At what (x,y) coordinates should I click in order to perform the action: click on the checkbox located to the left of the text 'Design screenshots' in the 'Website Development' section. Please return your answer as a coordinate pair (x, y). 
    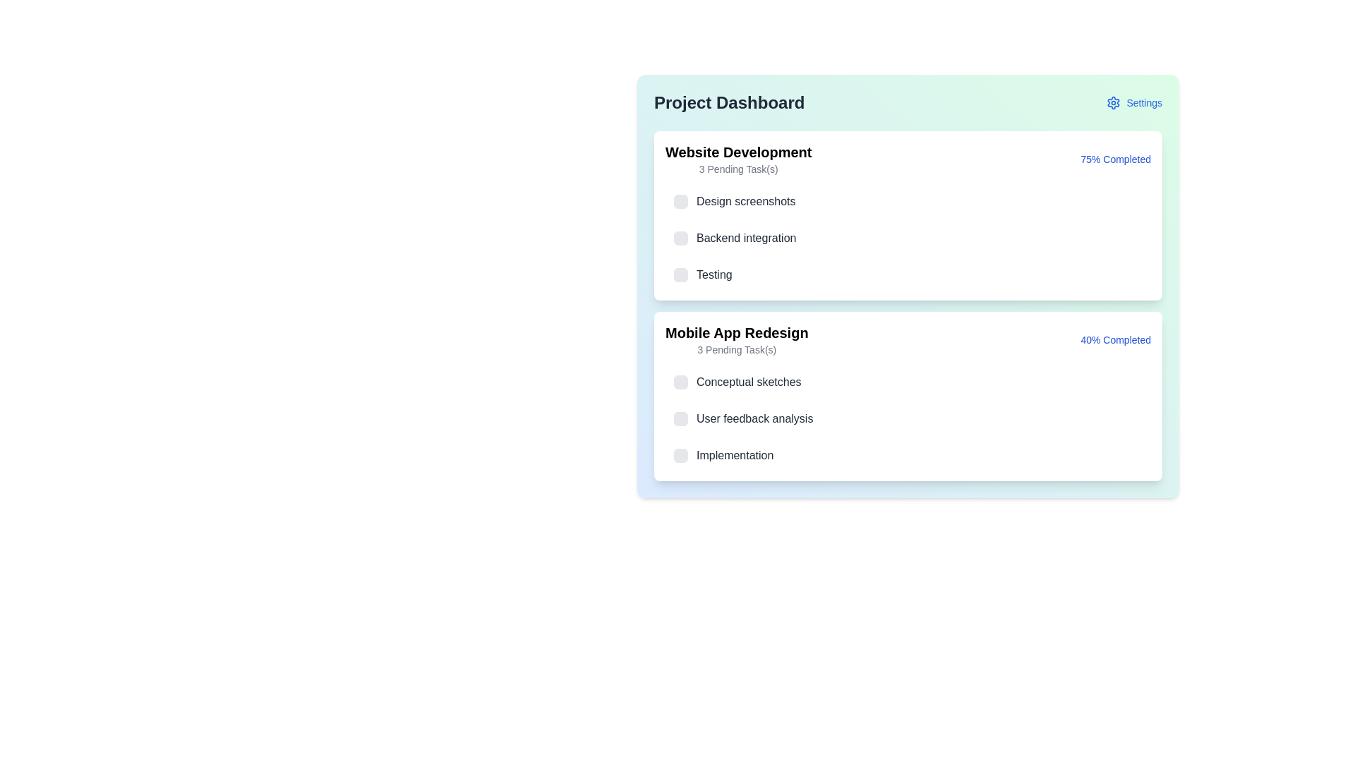
    Looking at the image, I should click on (680, 201).